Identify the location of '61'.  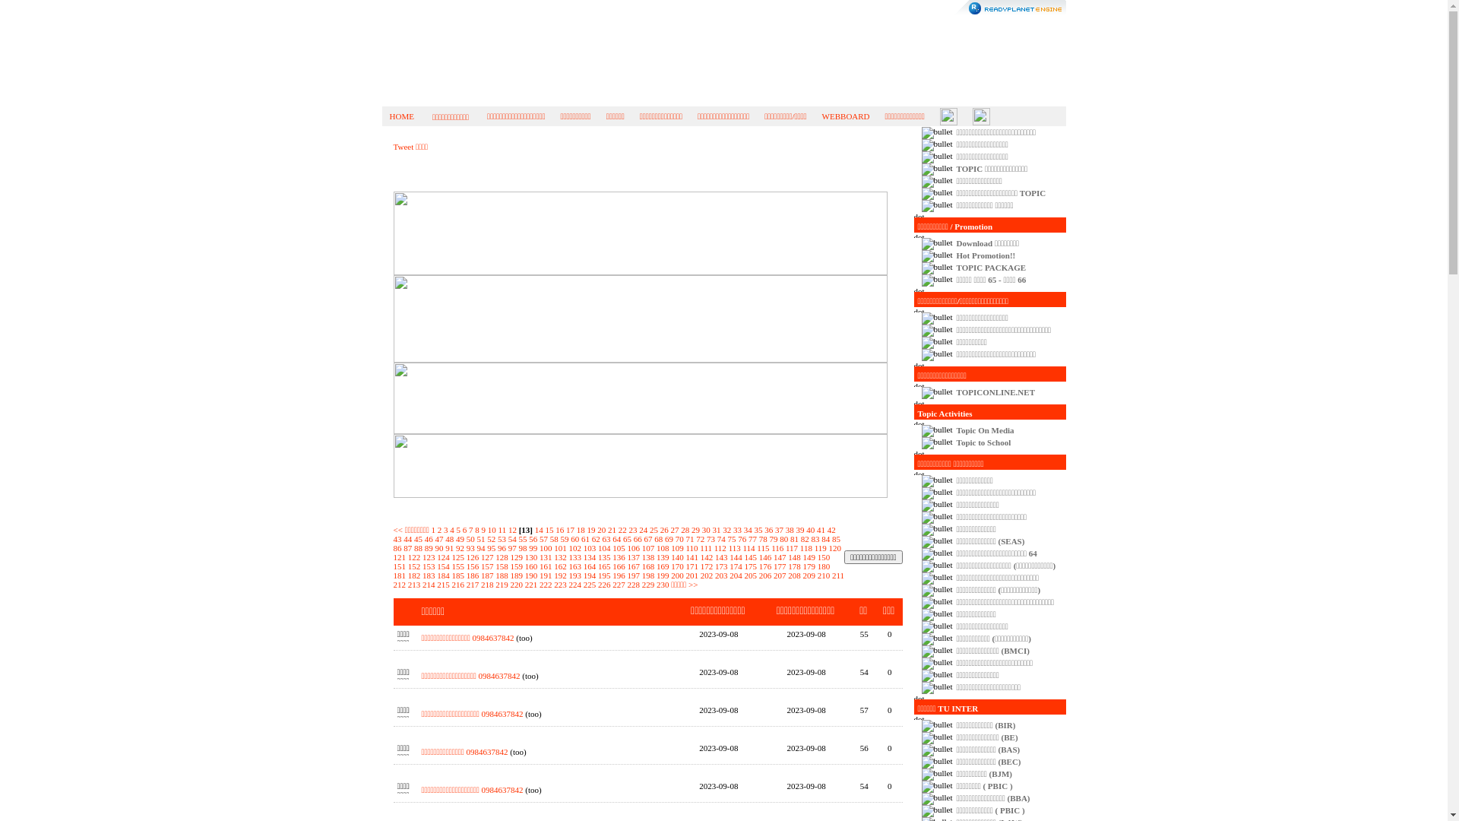
(580, 538).